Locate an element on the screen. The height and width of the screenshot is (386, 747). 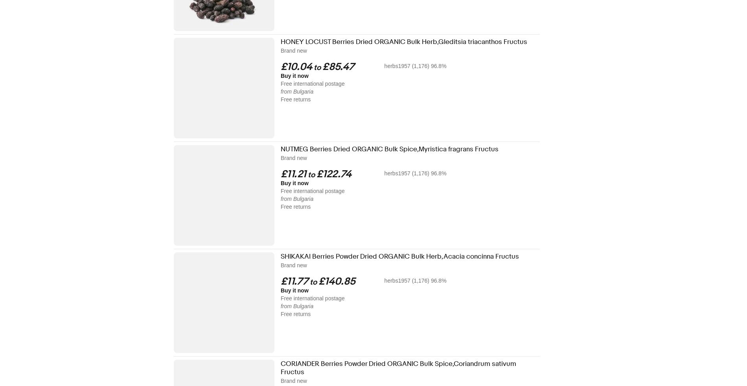
'CORIANDER Berries Powder Dried ORGANIC Bulk Spice,Coriandrum sativum Fructus' is located at coordinates (280, 368).